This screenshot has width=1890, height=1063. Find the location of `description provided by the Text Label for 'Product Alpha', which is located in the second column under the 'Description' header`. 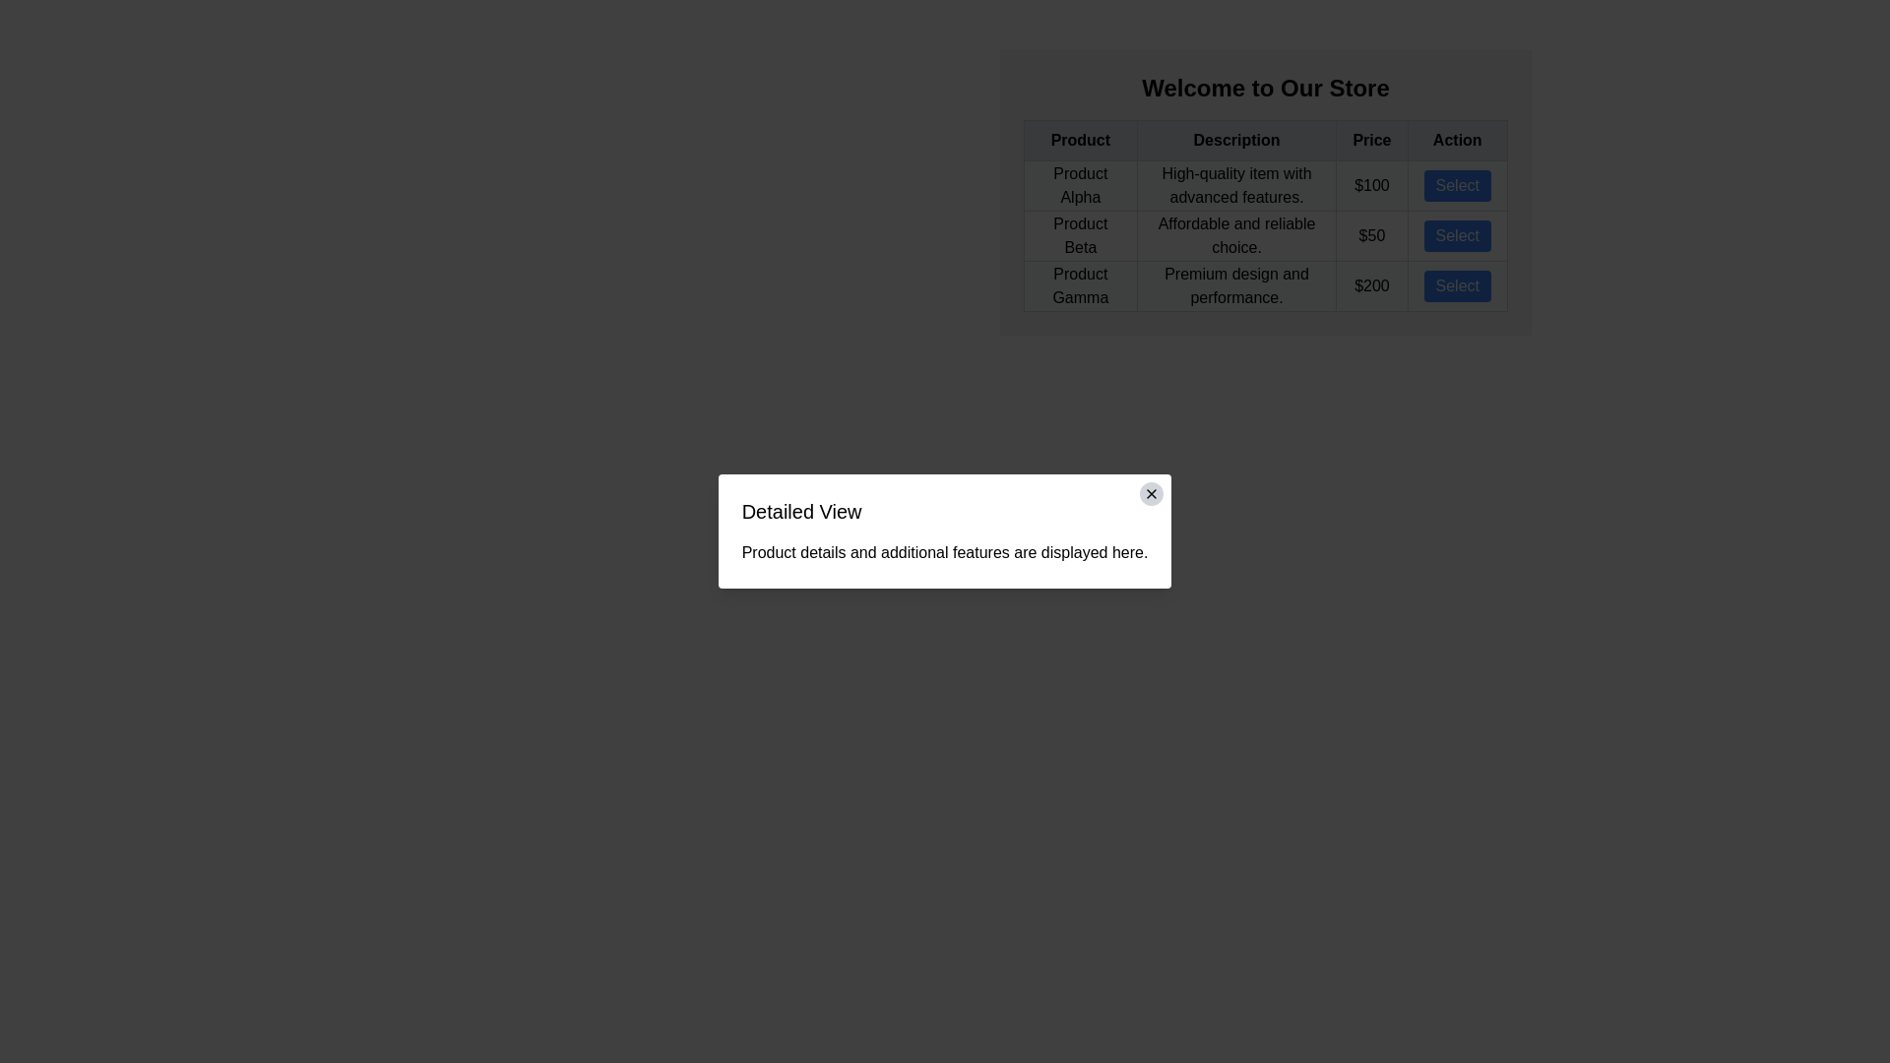

description provided by the Text Label for 'Product Alpha', which is located in the second column under the 'Description' header is located at coordinates (1235, 186).